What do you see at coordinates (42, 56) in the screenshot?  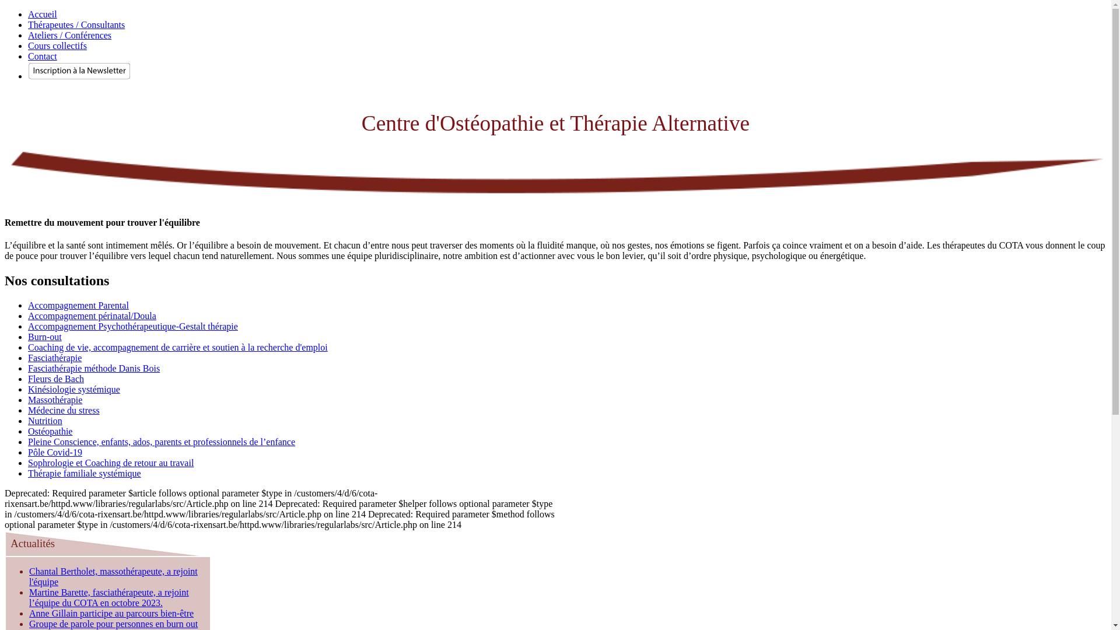 I see `'Contact'` at bounding box center [42, 56].